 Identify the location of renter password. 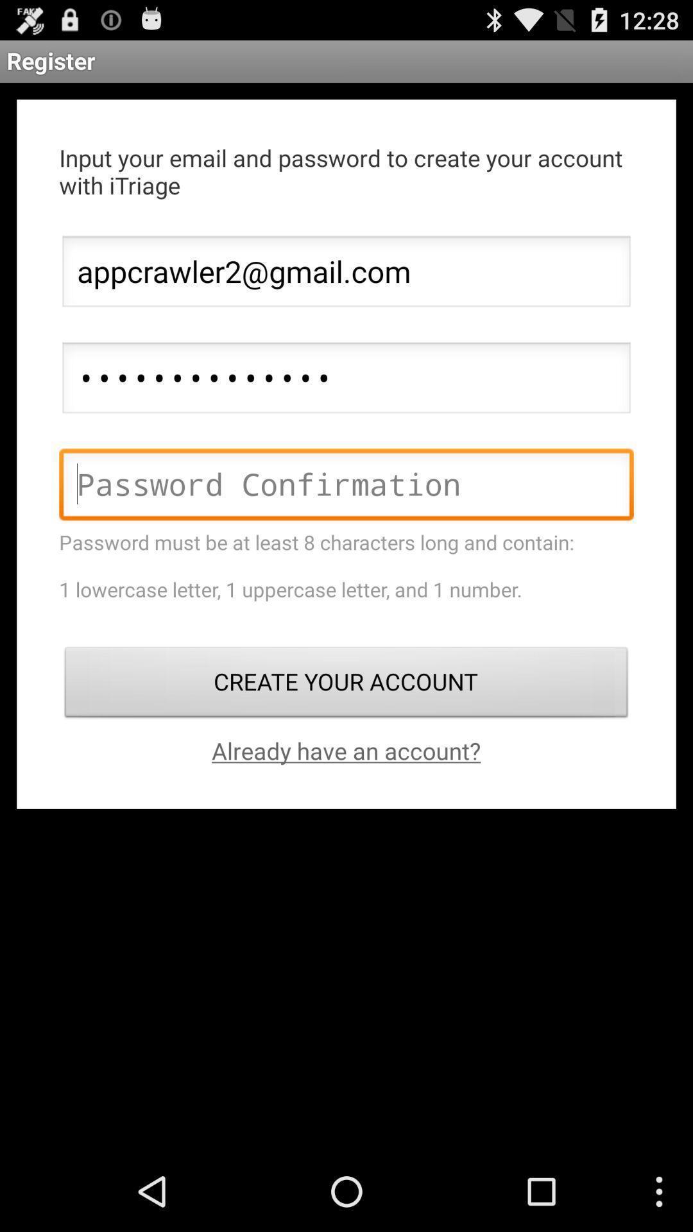
(346, 487).